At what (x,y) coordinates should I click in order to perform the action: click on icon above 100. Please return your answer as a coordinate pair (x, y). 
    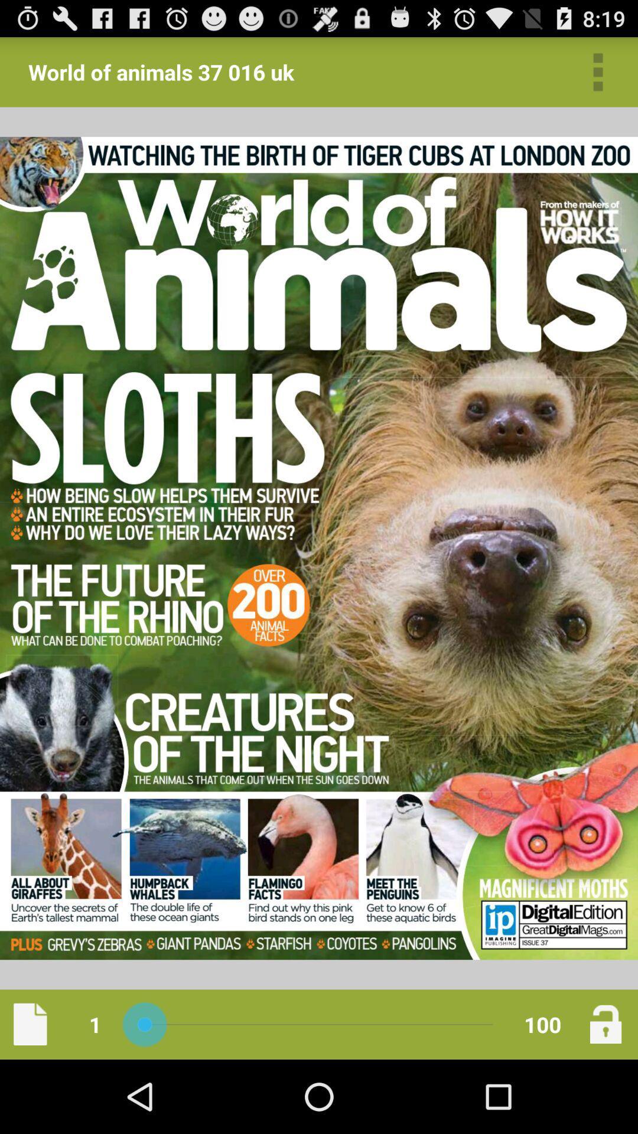
    Looking at the image, I should click on (598, 71).